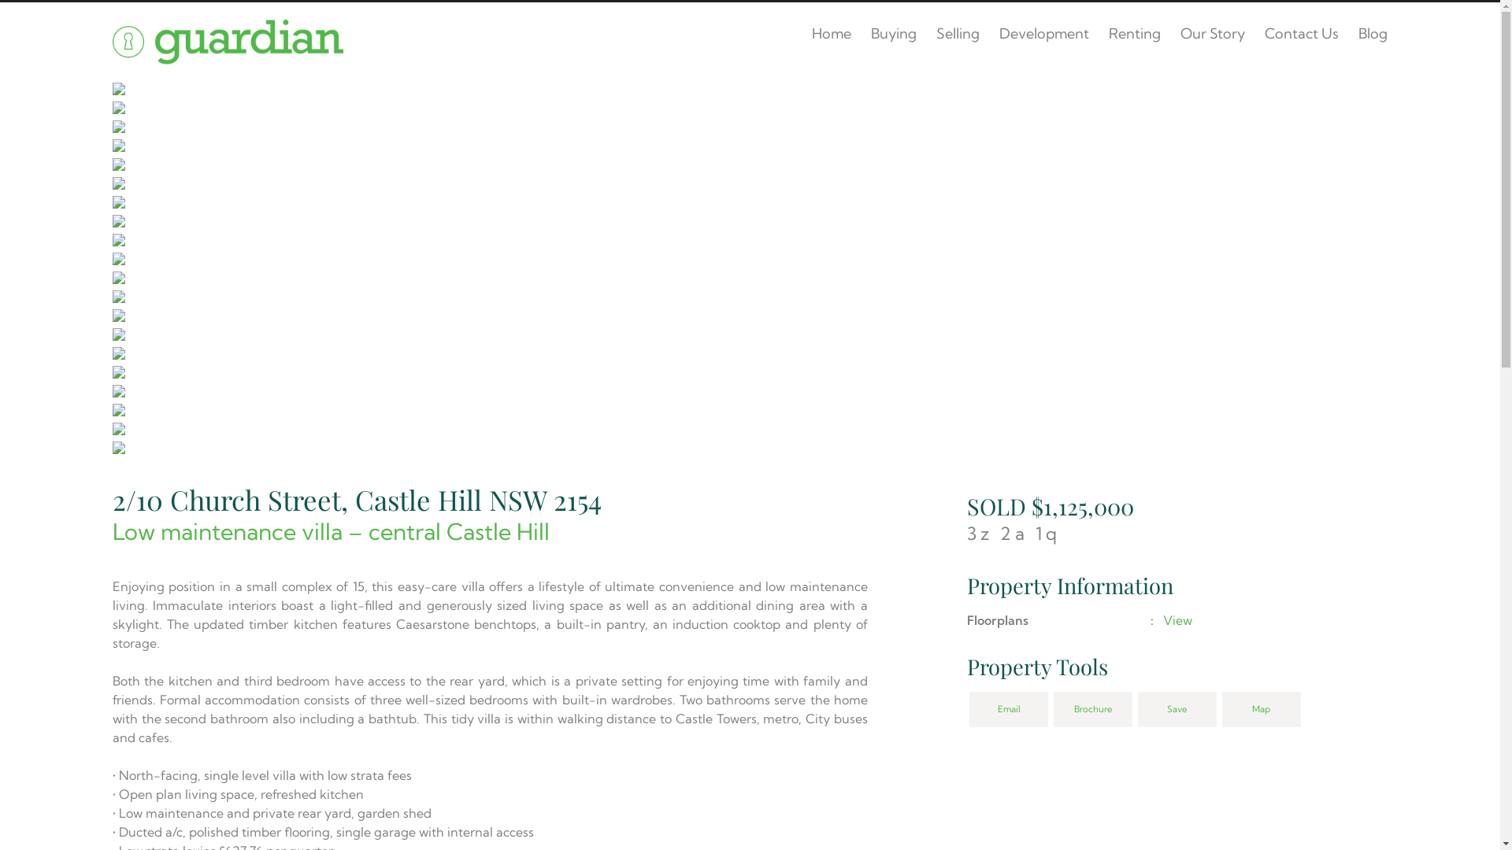 This screenshot has width=1512, height=850. What do you see at coordinates (968, 709) in the screenshot?
I see `'Email'` at bounding box center [968, 709].